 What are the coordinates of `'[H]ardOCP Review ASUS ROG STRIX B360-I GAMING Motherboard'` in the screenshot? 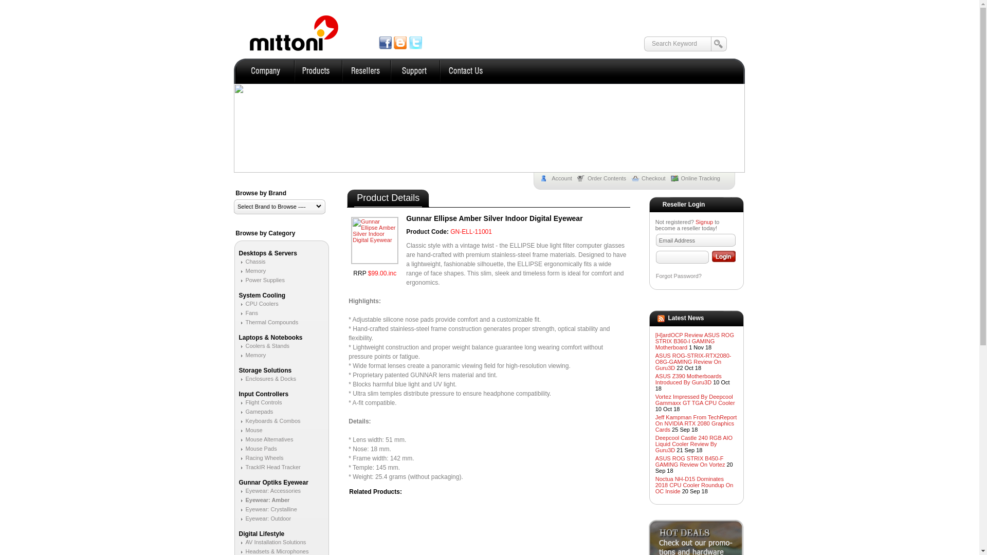 It's located at (694, 341).